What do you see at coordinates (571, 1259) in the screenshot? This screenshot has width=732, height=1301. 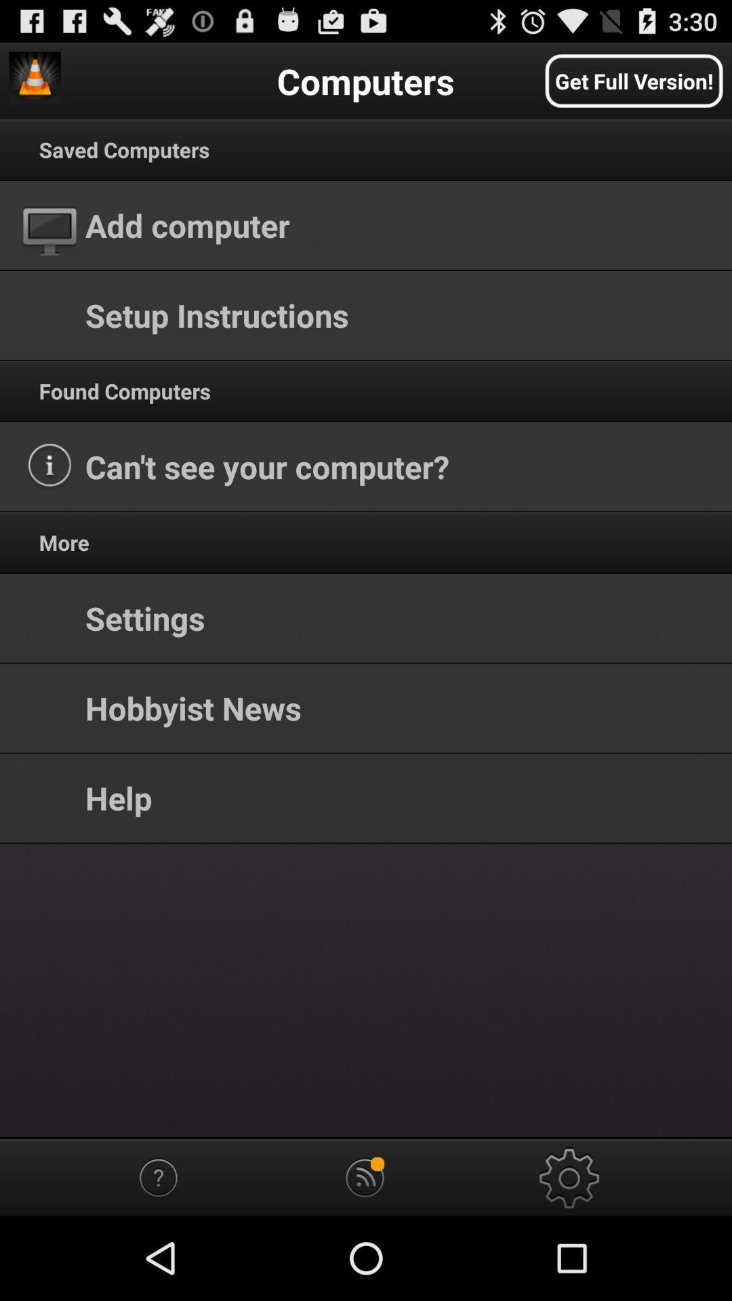 I see `the settings icon` at bounding box center [571, 1259].